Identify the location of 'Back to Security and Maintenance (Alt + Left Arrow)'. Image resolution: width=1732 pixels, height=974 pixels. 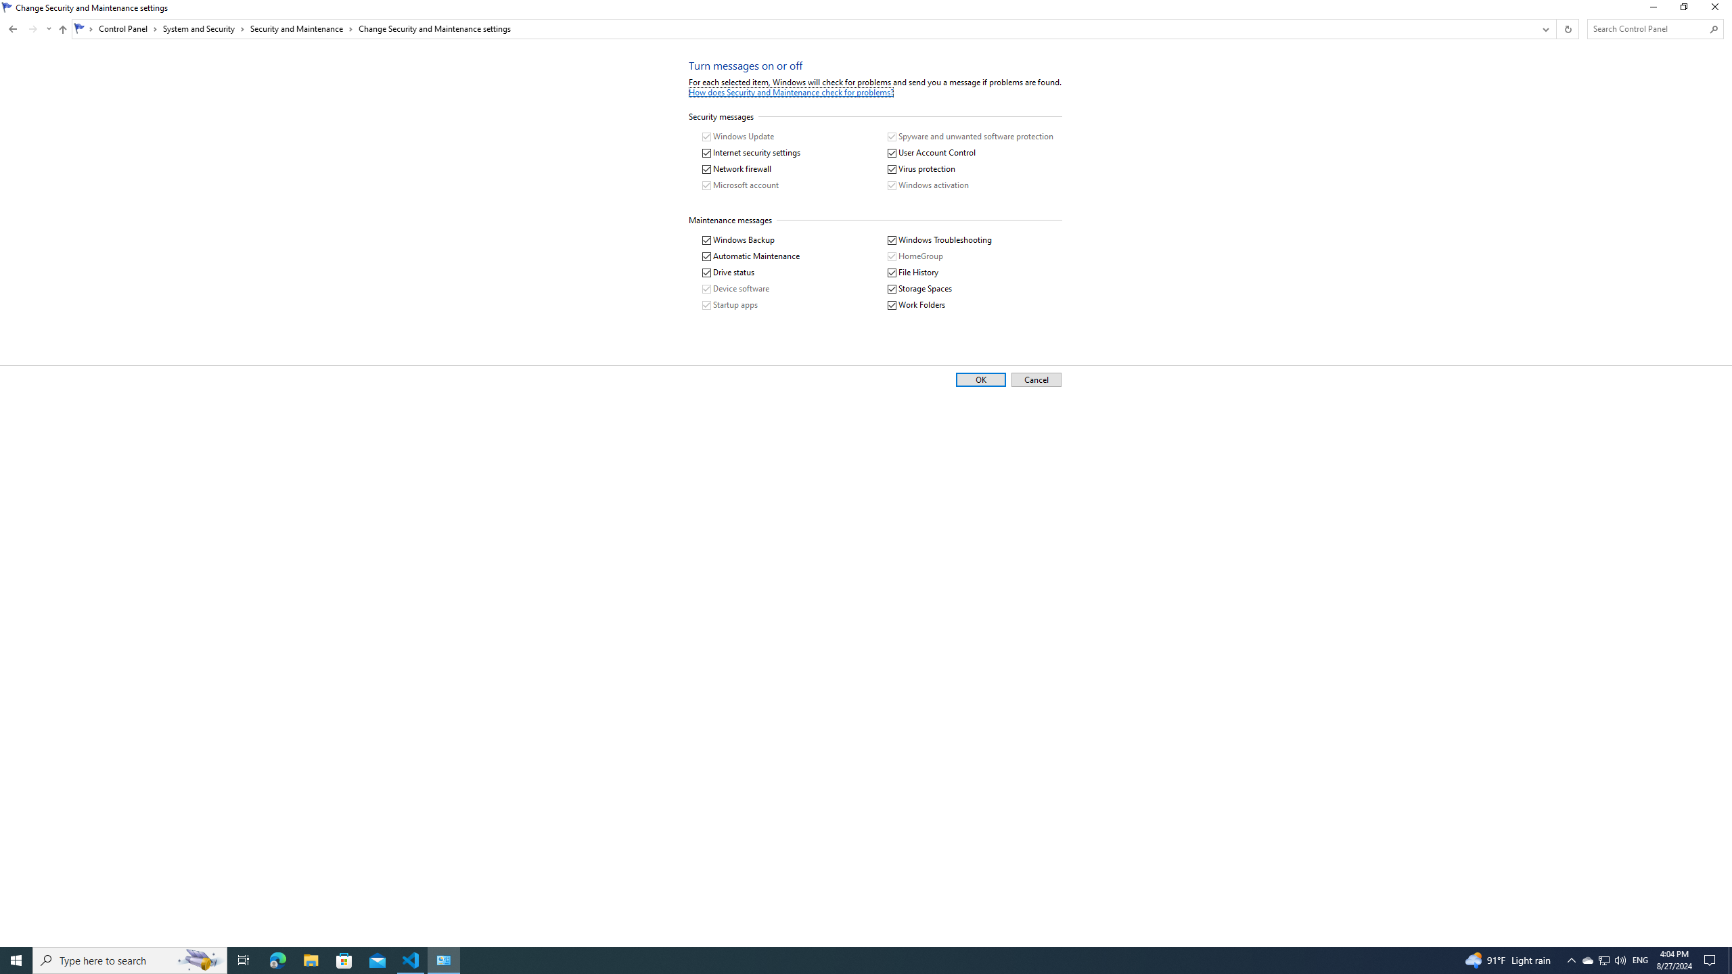
(13, 28).